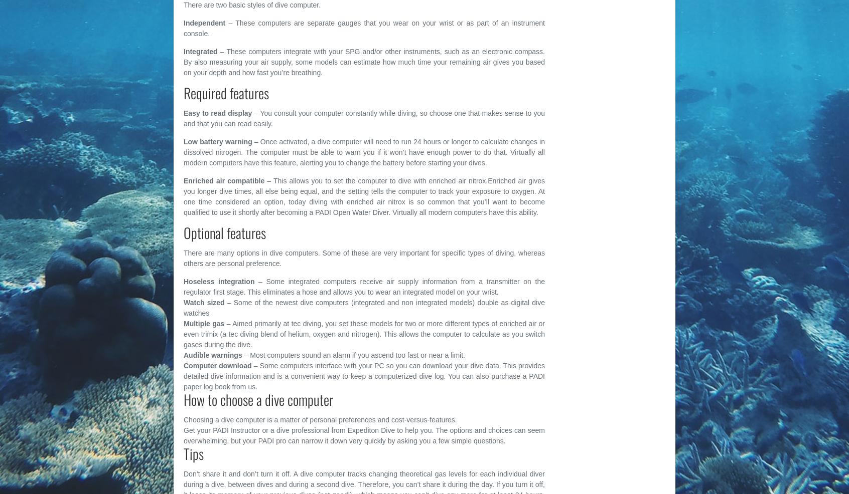 This screenshot has width=849, height=494. Describe the element at coordinates (183, 355) in the screenshot. I see `'Audible warnings'` at that location.